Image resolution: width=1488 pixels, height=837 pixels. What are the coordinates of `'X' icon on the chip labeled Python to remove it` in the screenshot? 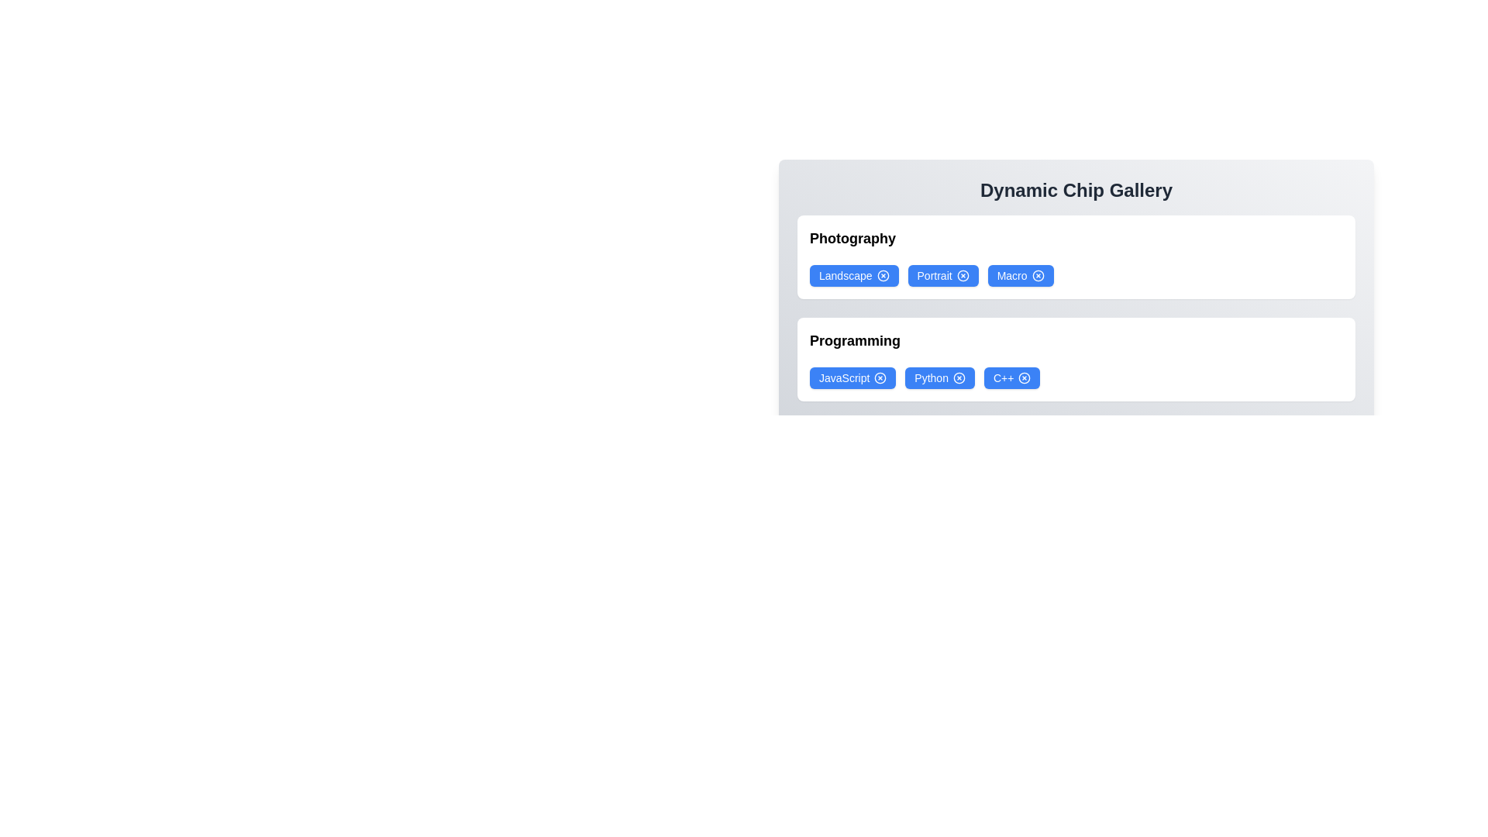 It's located at (959, 378).